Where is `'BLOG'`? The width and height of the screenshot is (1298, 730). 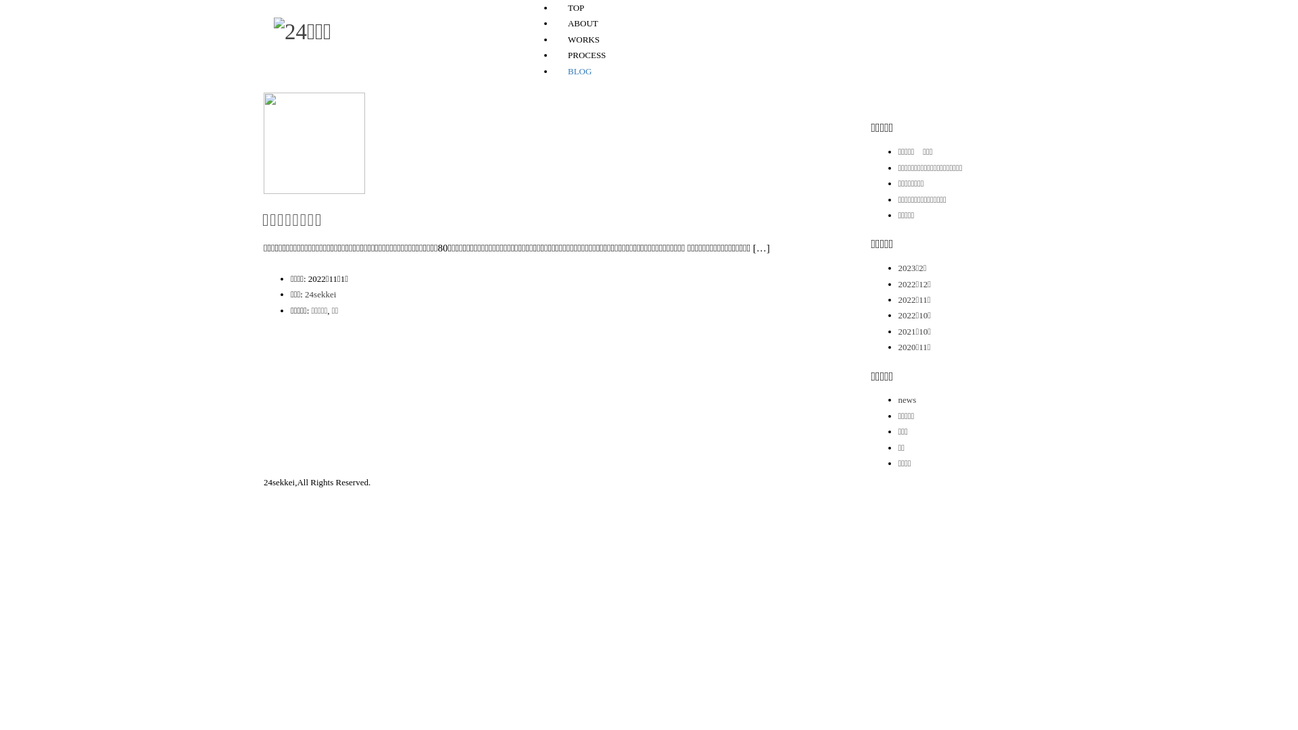 'BLOG' is located at coordinates (579, 71).